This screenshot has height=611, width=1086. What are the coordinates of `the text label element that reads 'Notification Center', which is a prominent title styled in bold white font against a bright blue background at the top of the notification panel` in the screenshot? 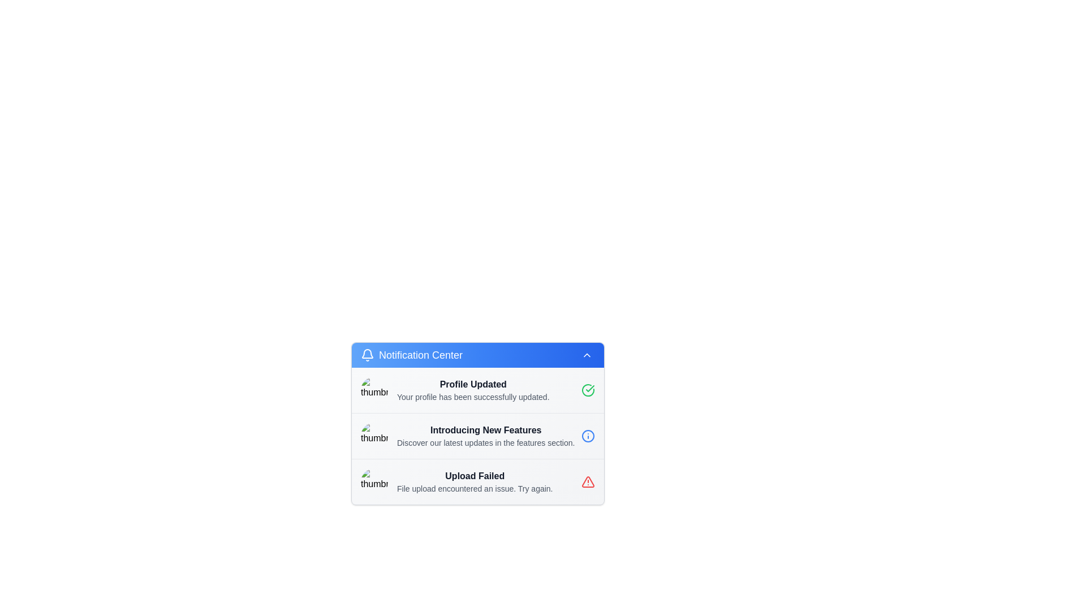 It's located at (420, 355).